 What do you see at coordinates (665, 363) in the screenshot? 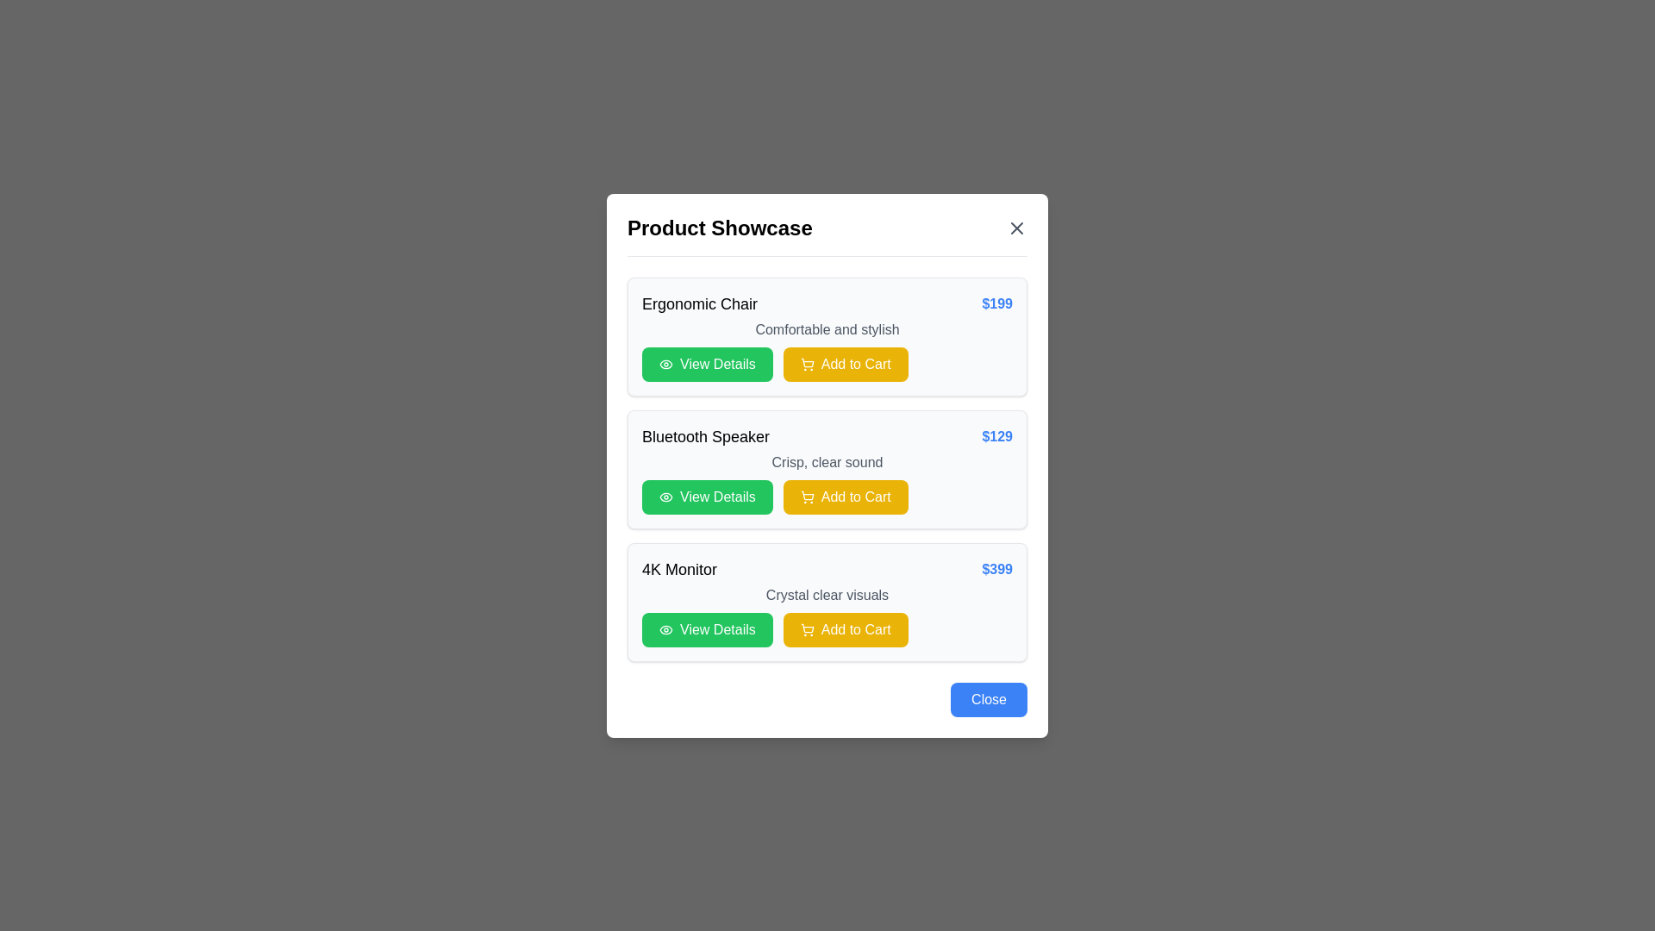
I see `the eye-shaped icon with a green background located to the left of the 'View Details' button in the 'Bluetooth Speaker' product listing` at bounding box center [665, 363].